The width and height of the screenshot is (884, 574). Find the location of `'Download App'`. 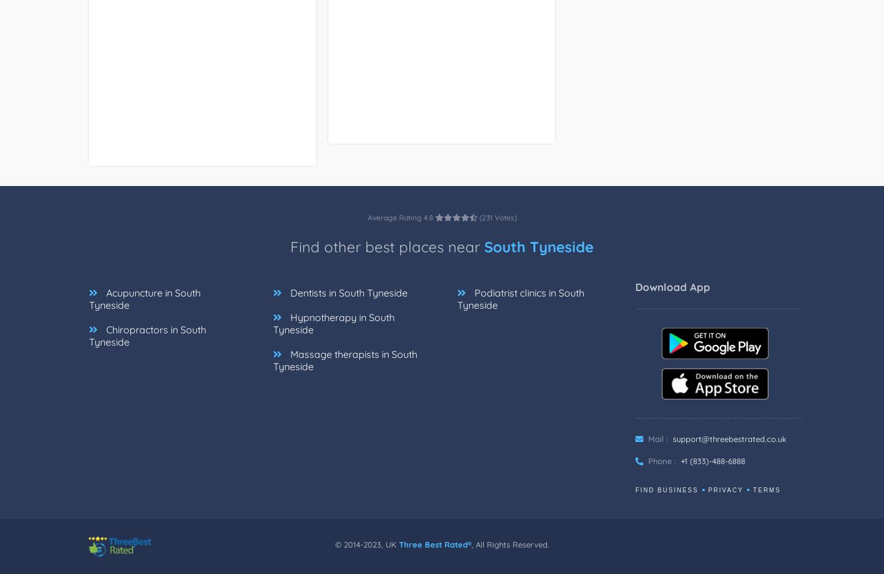

'Download App' is located at coordinates (672, 286).